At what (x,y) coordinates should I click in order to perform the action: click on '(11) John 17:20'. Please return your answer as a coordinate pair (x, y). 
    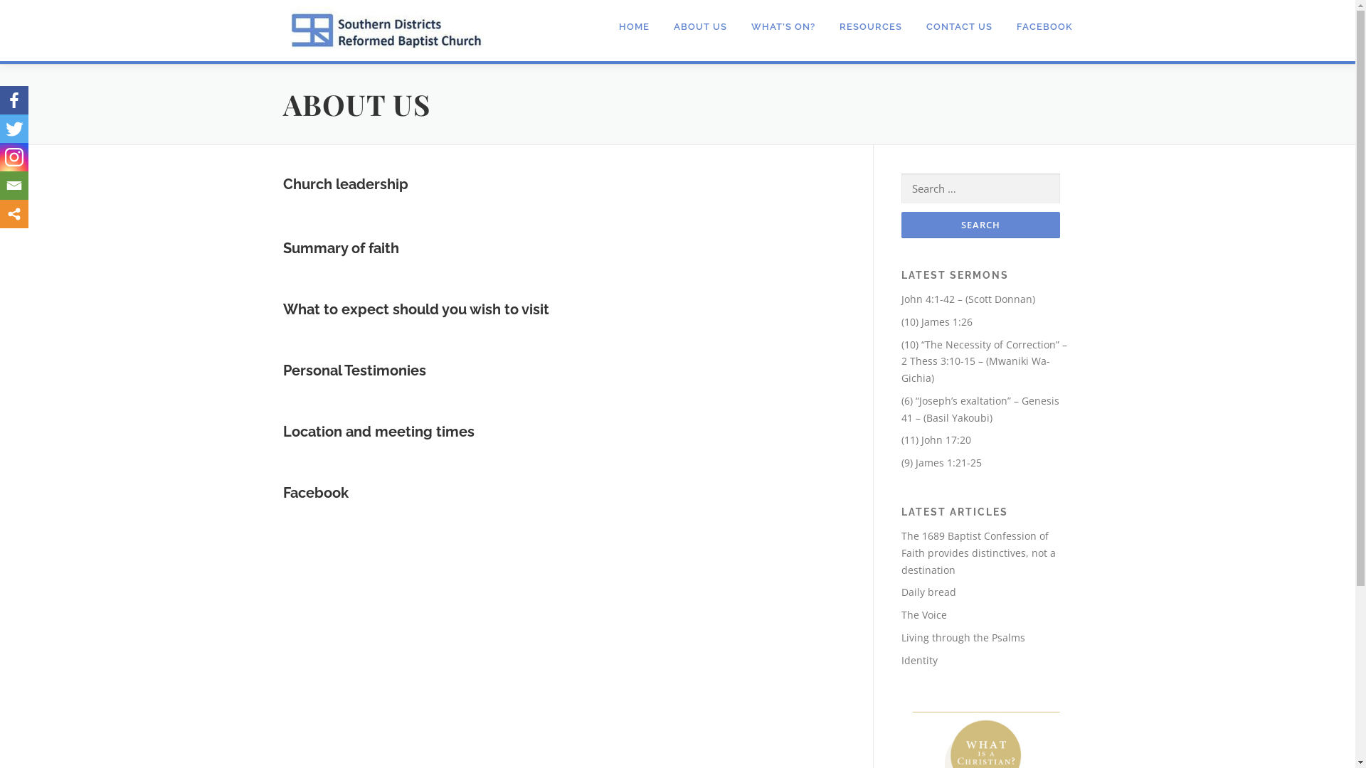
    Looking at the image, I should click on (936, 439).